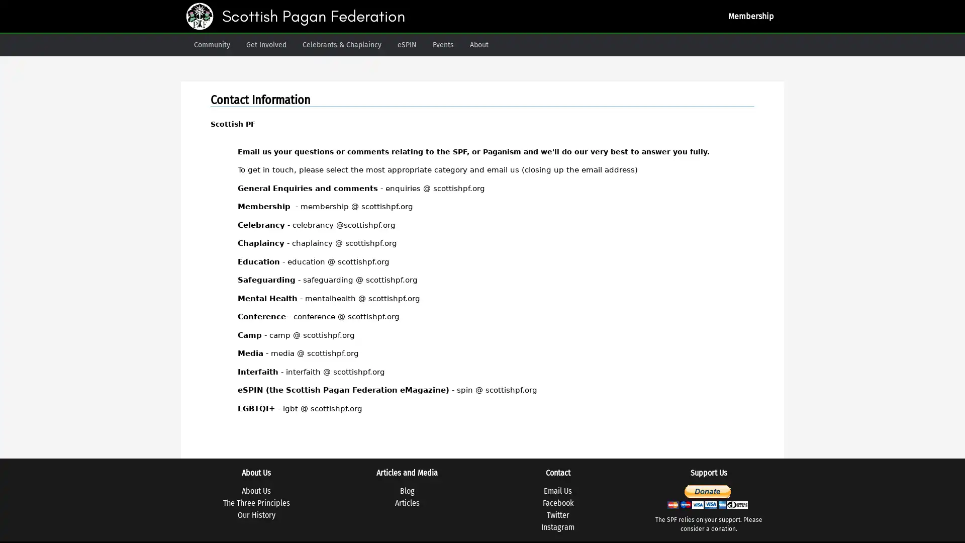 The height and width of the screenshot is (543, 965). What do you see at coordinates (212, 44) in the screenshot?
I see `Community` at bounding box center [212, 44].